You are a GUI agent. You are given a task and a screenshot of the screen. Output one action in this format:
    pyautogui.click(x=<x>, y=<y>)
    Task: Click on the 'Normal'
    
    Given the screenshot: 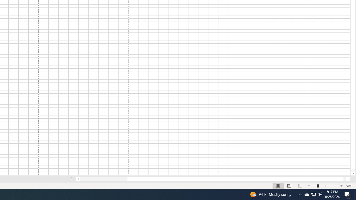 What is the action you would take?
    pyautogui.click(x=278, y=186)
    